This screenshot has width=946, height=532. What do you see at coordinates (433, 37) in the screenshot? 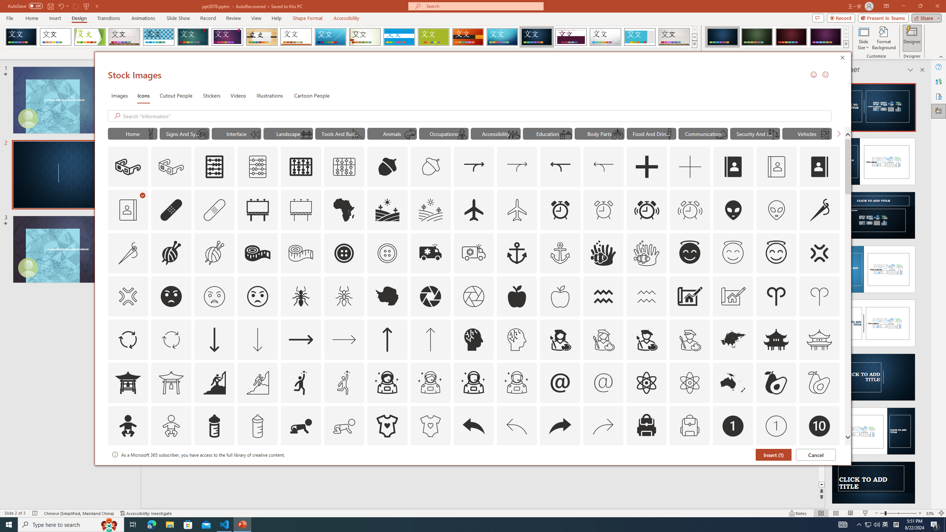
I see `'Basis'` at bounding box center [433, 37].